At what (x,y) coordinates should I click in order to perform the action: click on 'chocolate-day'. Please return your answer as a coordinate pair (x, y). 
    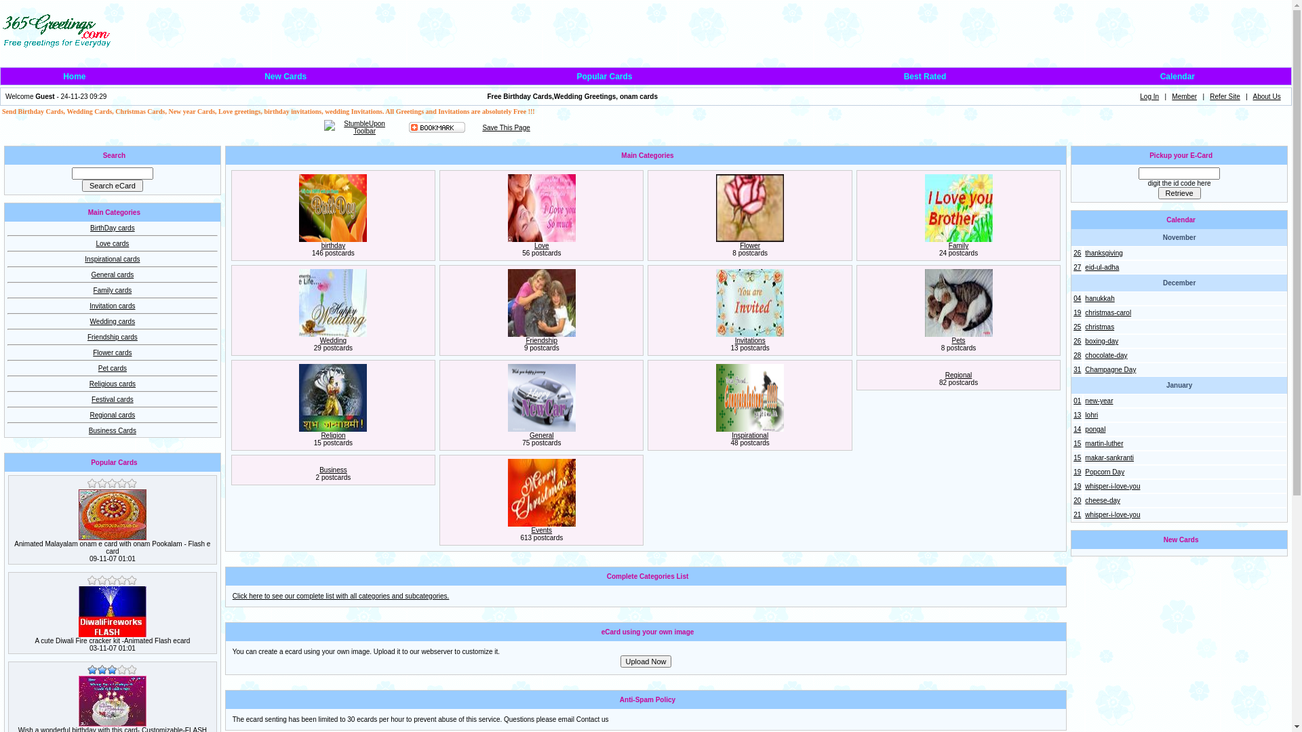
    Looking at the image, I should click on (1106, 354).